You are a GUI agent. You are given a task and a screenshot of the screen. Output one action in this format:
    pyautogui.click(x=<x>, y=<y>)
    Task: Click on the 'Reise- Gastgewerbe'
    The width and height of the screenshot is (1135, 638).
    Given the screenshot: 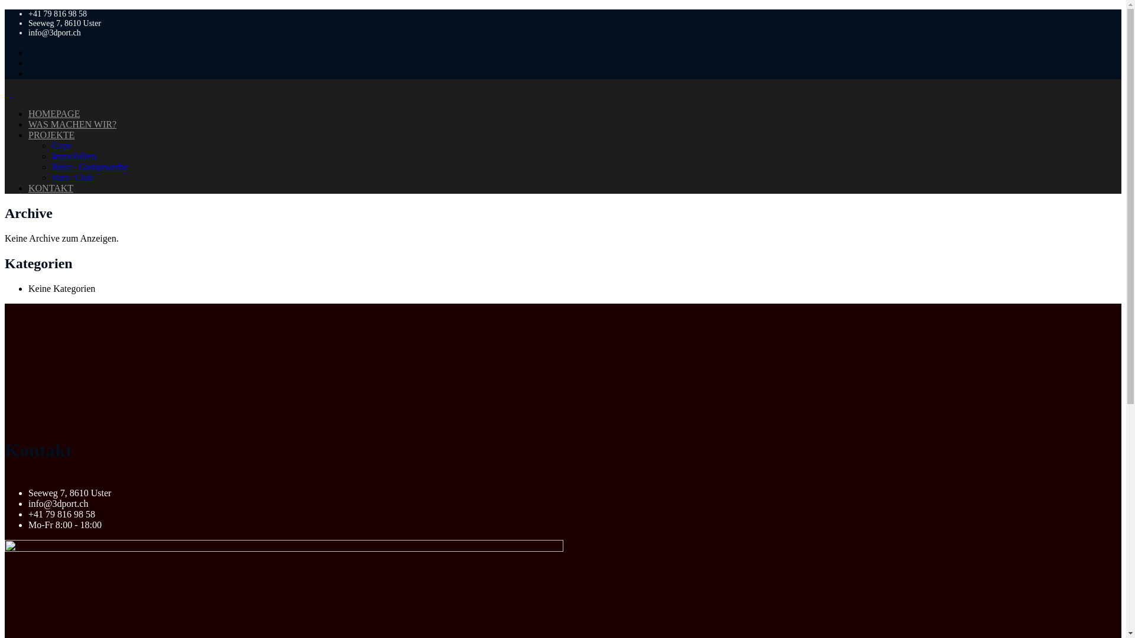 What is the action you would take?
    pyautogui.click(x=89, y=167)
    